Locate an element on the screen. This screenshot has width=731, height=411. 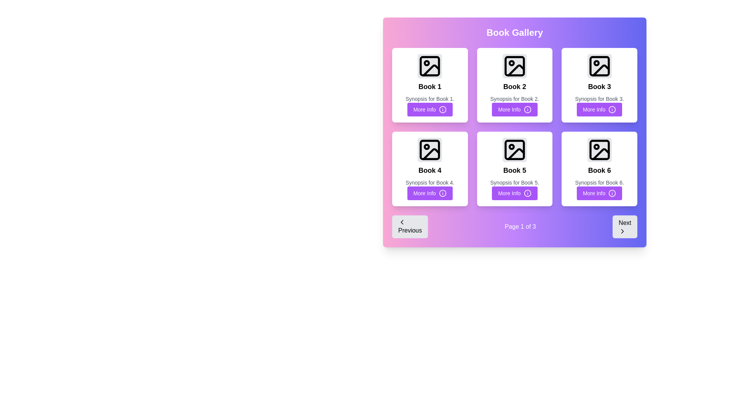
the image placeholder icon with rounded corners located at the center of the 'Book 3' card in the 'Book Gallery' section is located at coordinates (599, 65).